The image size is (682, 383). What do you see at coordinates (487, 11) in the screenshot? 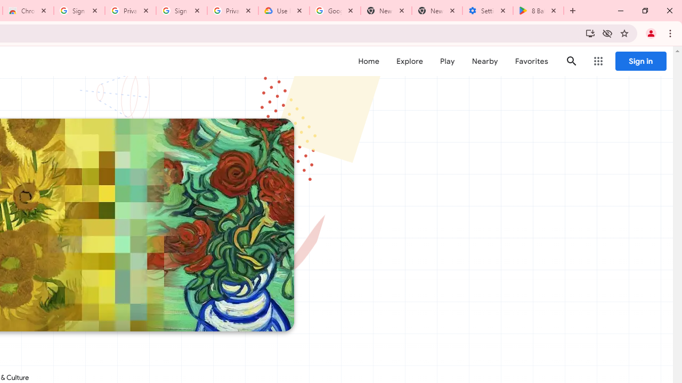
I see `'Settings - System'` at bounding box center [487, 11].